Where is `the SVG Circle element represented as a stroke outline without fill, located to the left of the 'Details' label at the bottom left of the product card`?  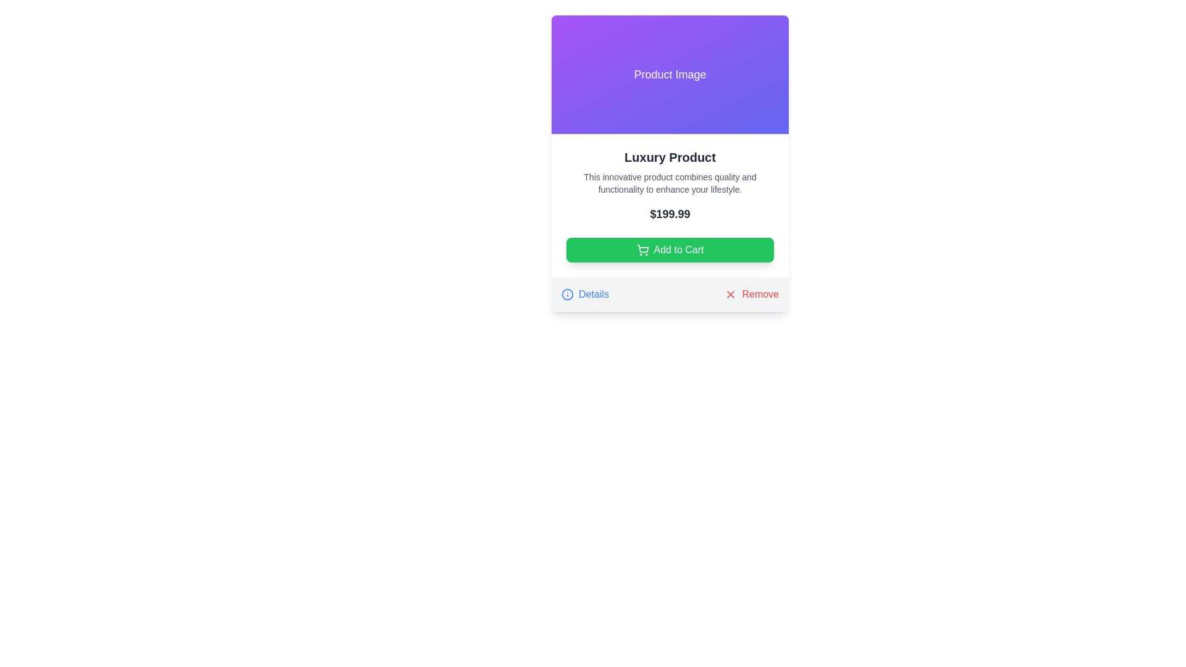
the SVG Circle element represented as a stroke outline without fill, located to the left of the 'Details' label at the bottom left of the product card is located at coordinates (566, 295).